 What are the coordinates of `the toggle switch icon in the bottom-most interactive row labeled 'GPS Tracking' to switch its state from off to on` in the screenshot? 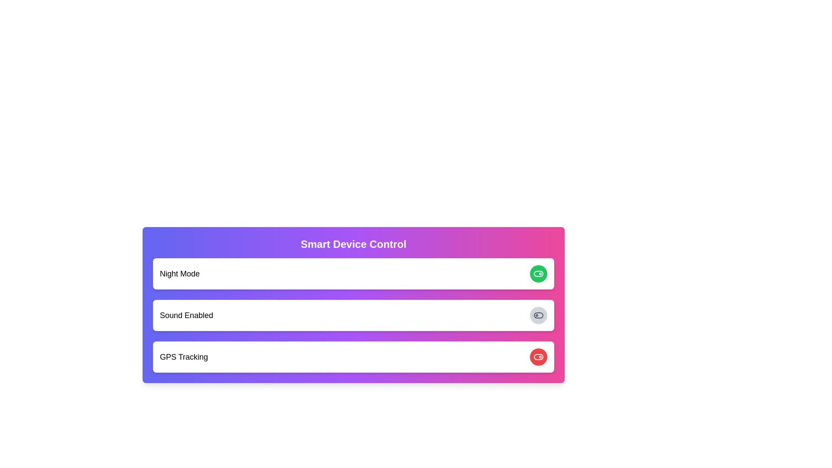 It's located at (538, 357).